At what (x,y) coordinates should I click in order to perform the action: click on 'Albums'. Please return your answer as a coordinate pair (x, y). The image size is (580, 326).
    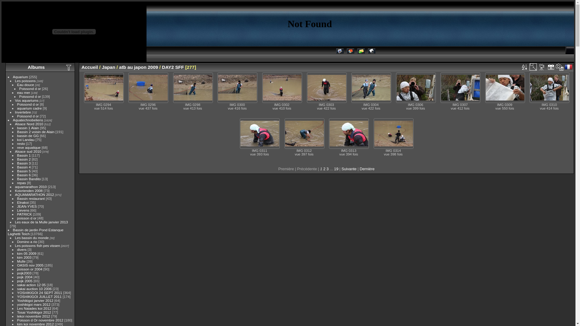
    Looking at the image, I should click on (36, 67).